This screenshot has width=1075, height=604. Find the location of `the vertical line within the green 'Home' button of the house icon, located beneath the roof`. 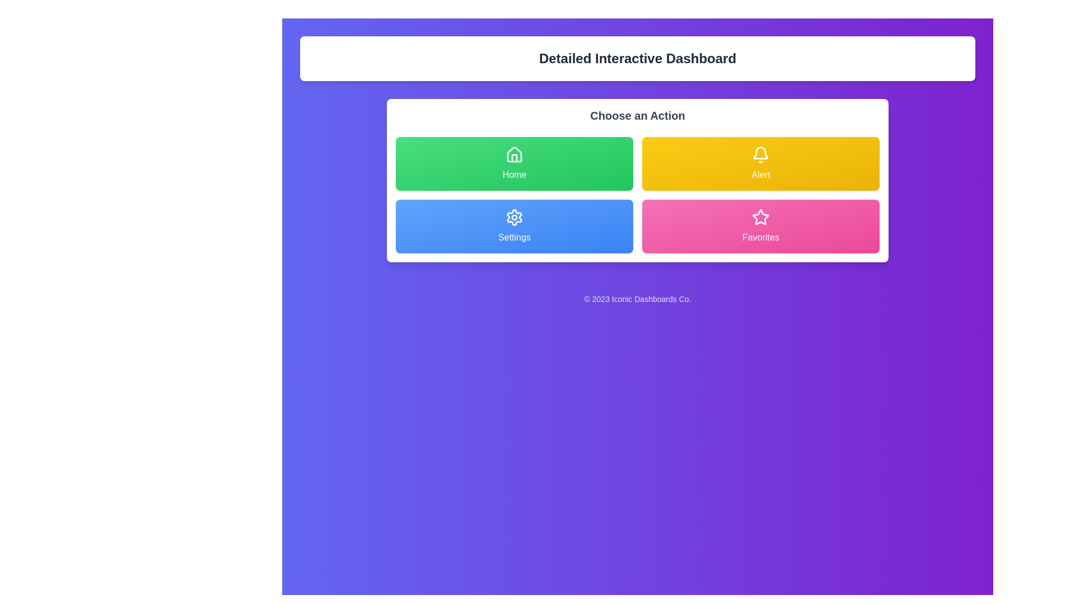

the vertical line within the green 'Home' button of the house icon, located beneath the roof is located at coordinates (513, 158).